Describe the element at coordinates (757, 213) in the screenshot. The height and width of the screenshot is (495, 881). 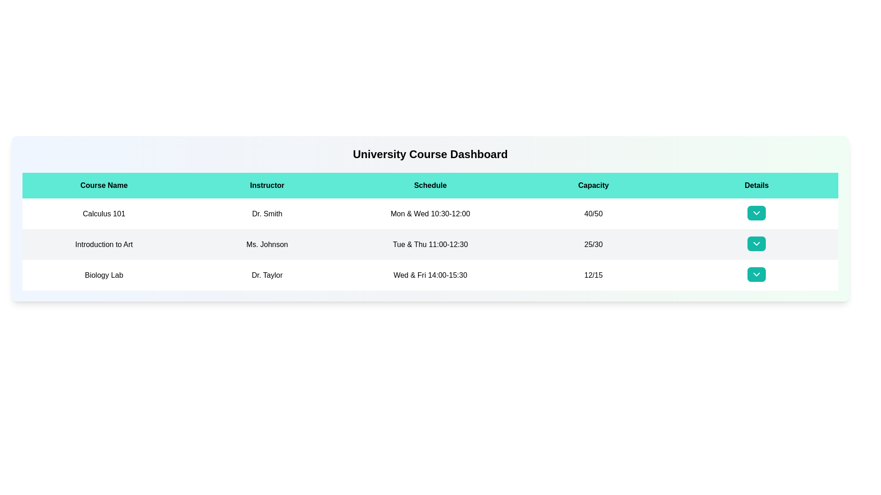
I see `the downward-pointing chevron icon in the teal button labeled 'Details'` at that location.